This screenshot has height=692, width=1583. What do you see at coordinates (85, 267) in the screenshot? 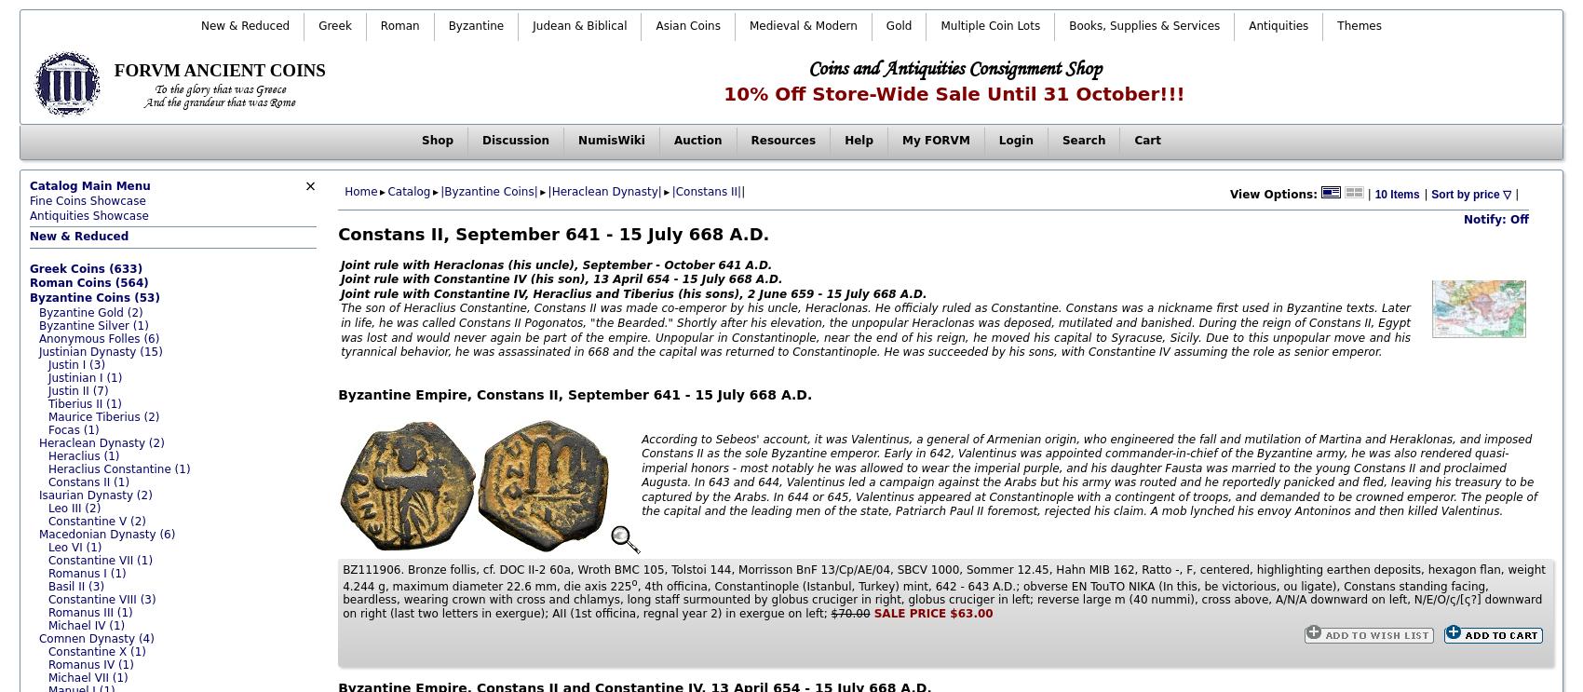
I see `'Greek Coins (633)'` at bounding box center [85, 267].